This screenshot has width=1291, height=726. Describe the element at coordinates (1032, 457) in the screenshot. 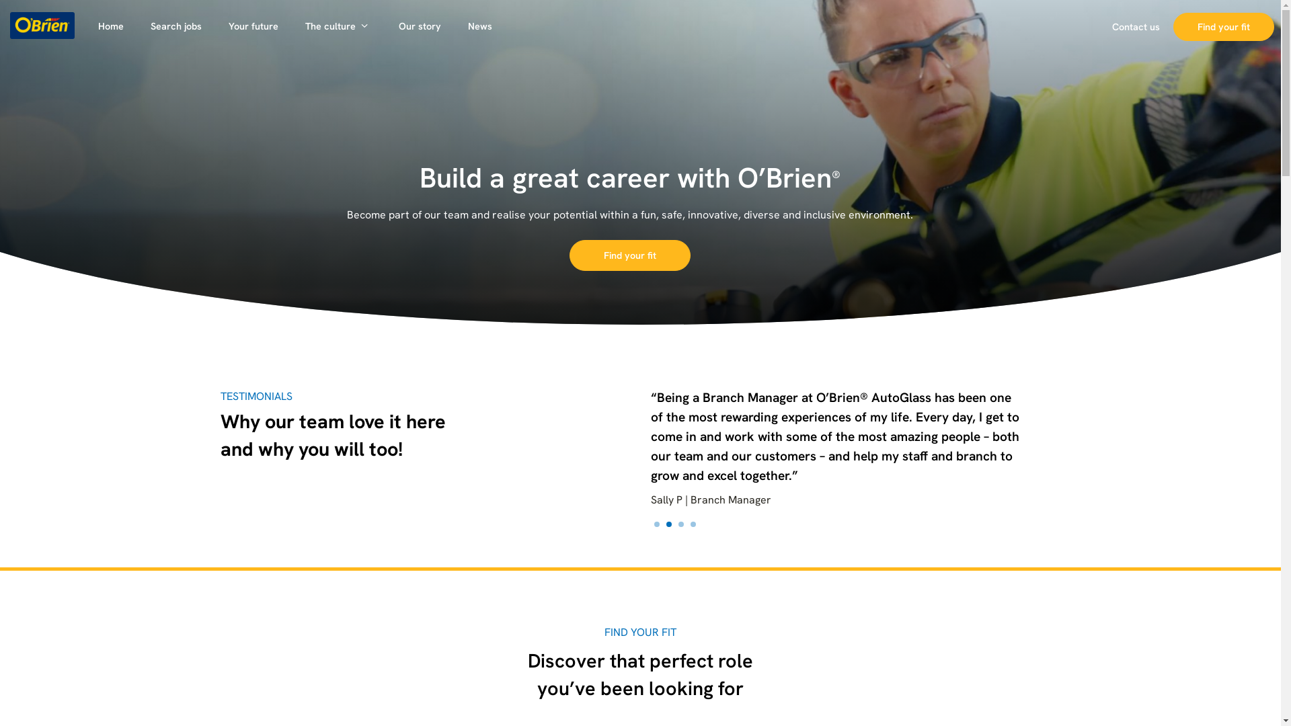

I see `'Next'` at that location.